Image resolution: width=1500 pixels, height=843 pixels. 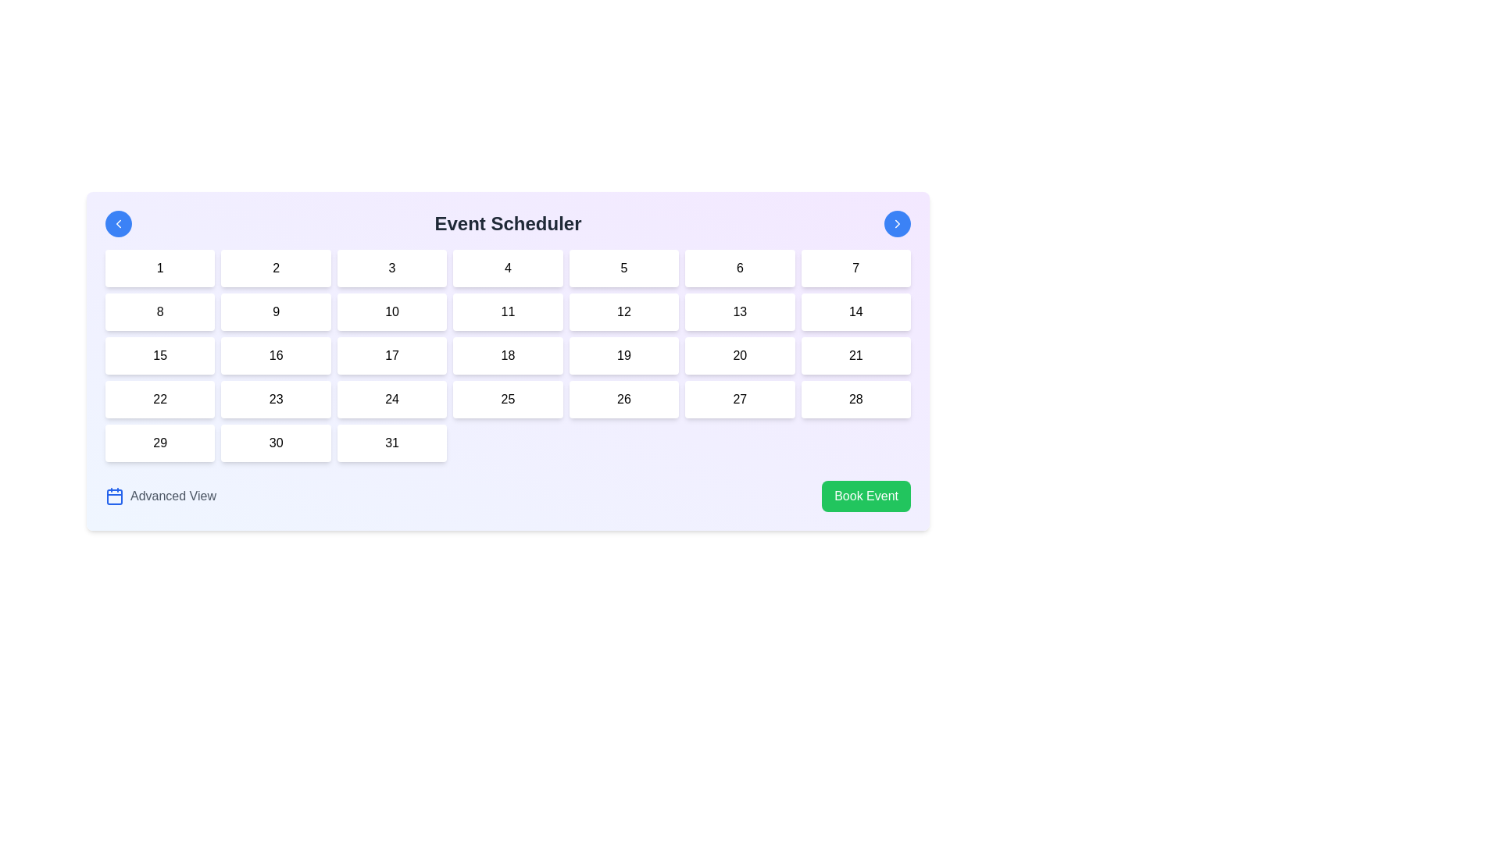 What do you see at coordinates (276, 443) in the screenshot?
I see `the white rounded button displaying '30' in the calendar grid under the 'Event Scheduler' header` at bounding box center [276, 443].